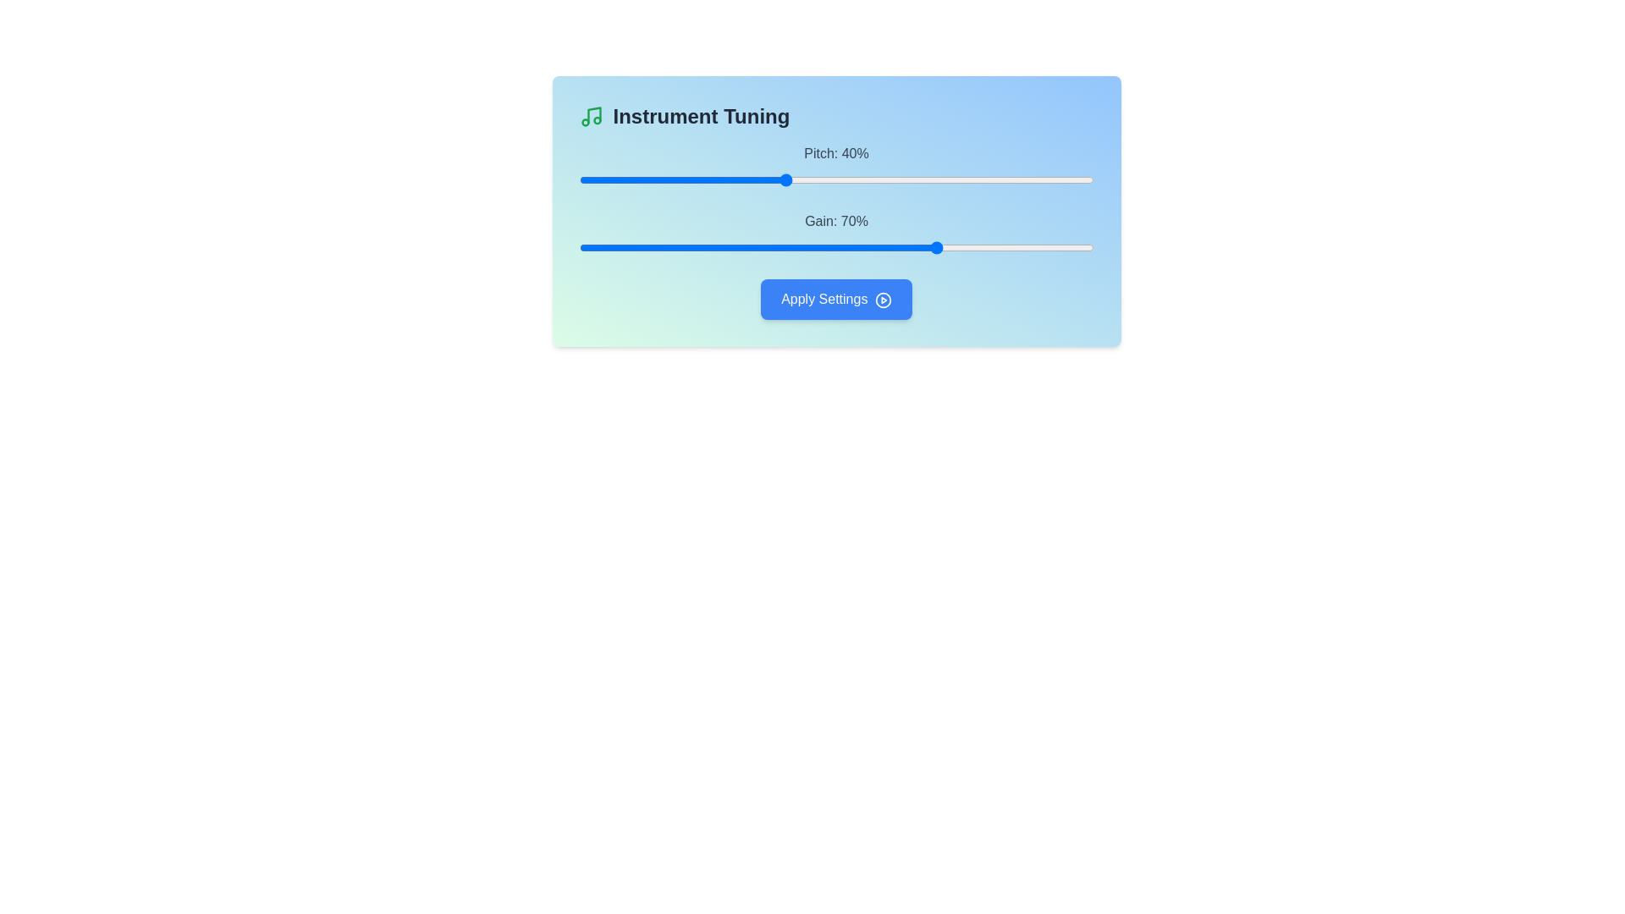  What do you see at coordinates (635, 179) in the screenshot?
I see `the pitch slider to set its value to 11` at bounding box center [635, 179].